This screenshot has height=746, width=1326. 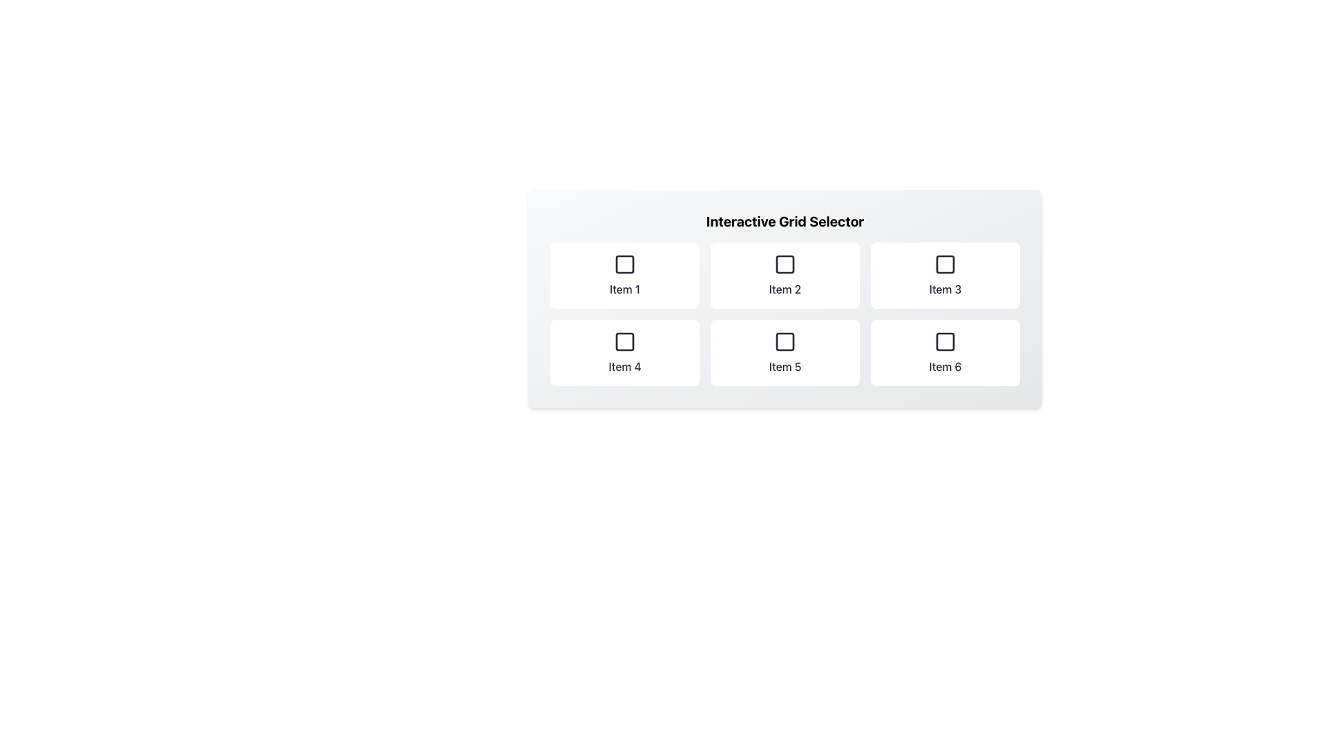 What do you see at coordinates (785, 264) in the screenshot?
I see `the small geometric shape with rounded edges, filled with solid color, located within the 'Item 2' of the 'Interactive Grid Selector' in the top row, middle column` at bounding box center [785, 264].